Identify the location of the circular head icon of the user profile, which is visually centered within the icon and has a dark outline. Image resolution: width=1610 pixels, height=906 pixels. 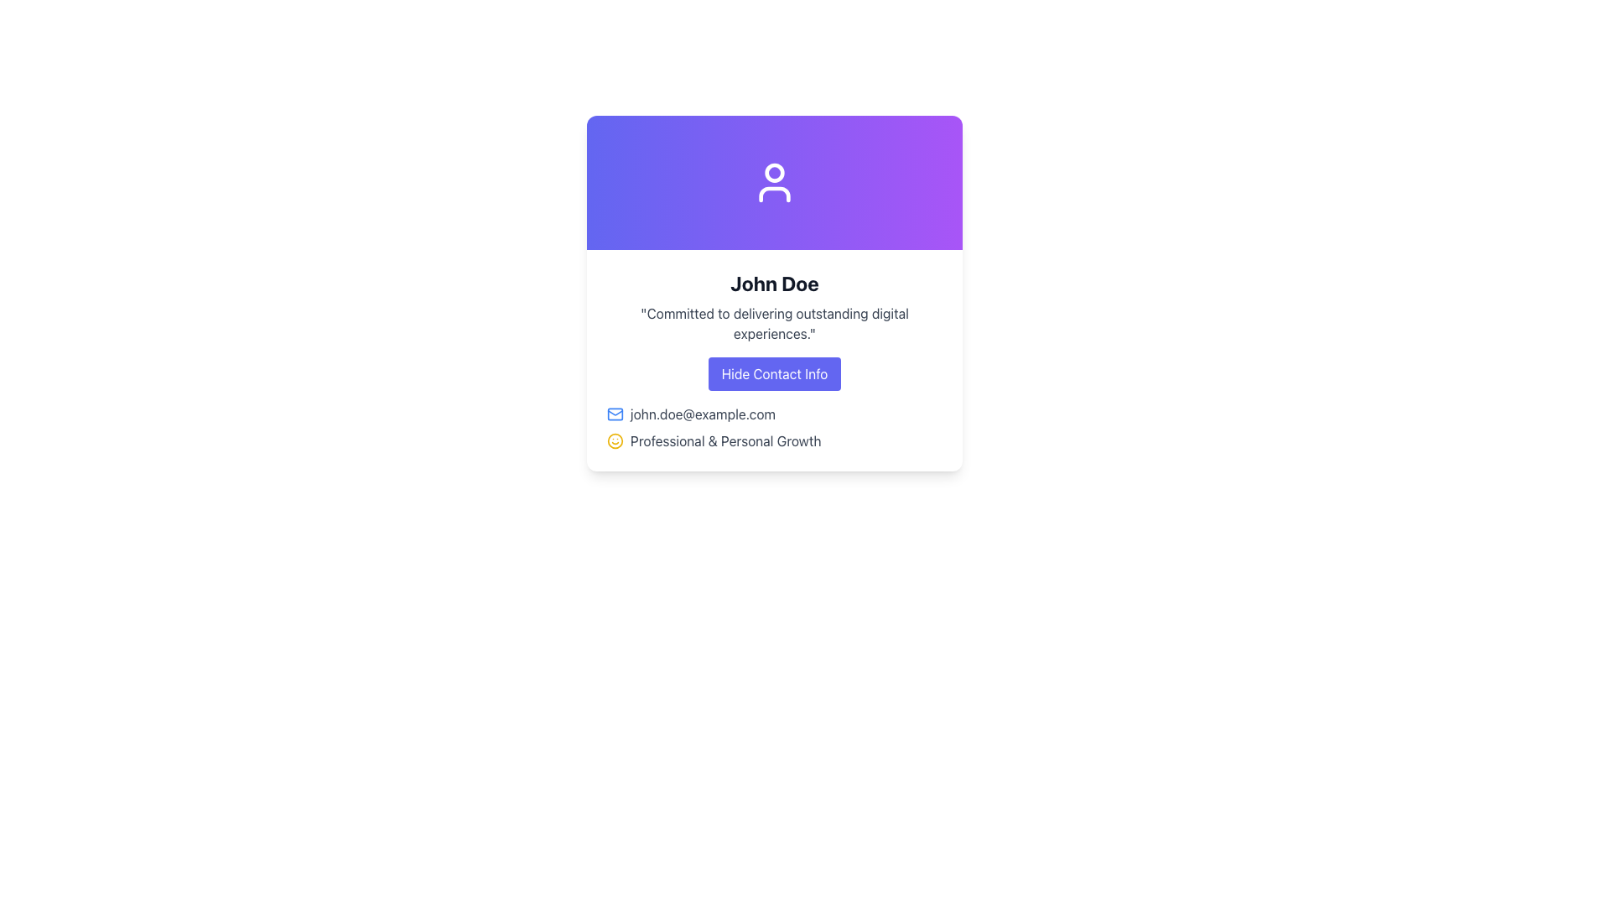
(774, 172).